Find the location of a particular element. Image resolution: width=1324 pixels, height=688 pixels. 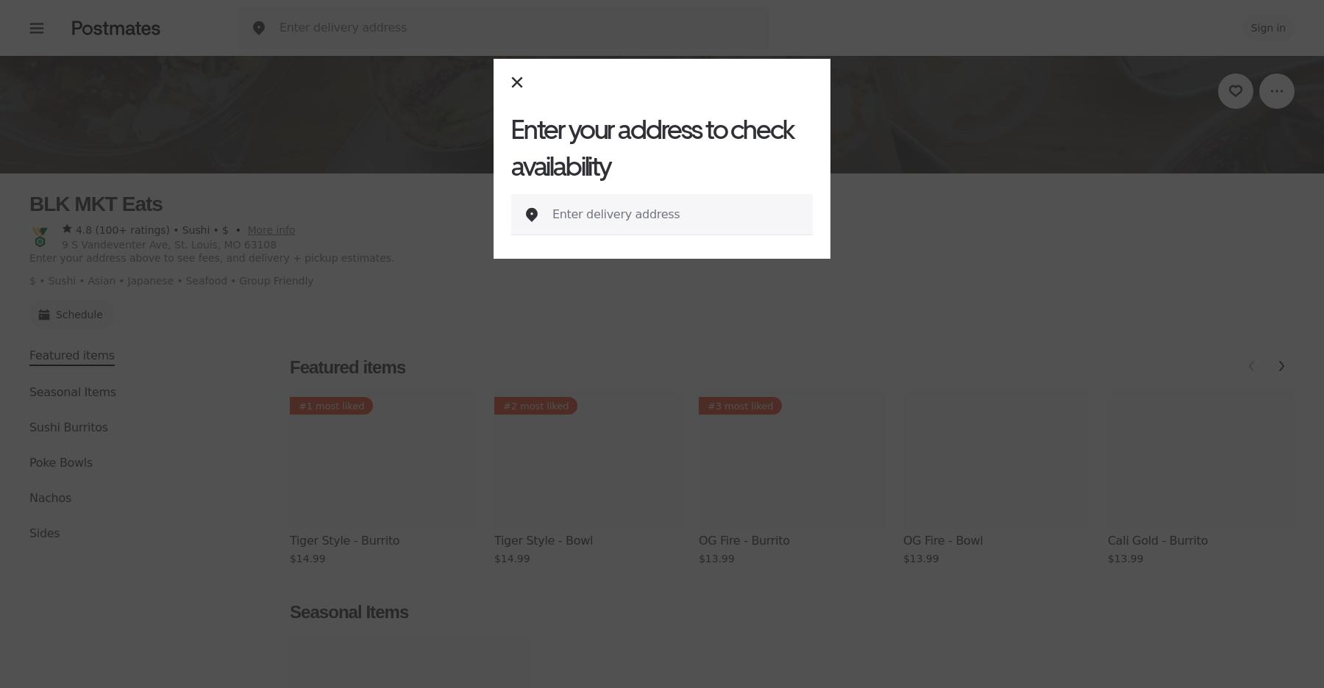

'Seafood' is located at coordinates (205, 280).